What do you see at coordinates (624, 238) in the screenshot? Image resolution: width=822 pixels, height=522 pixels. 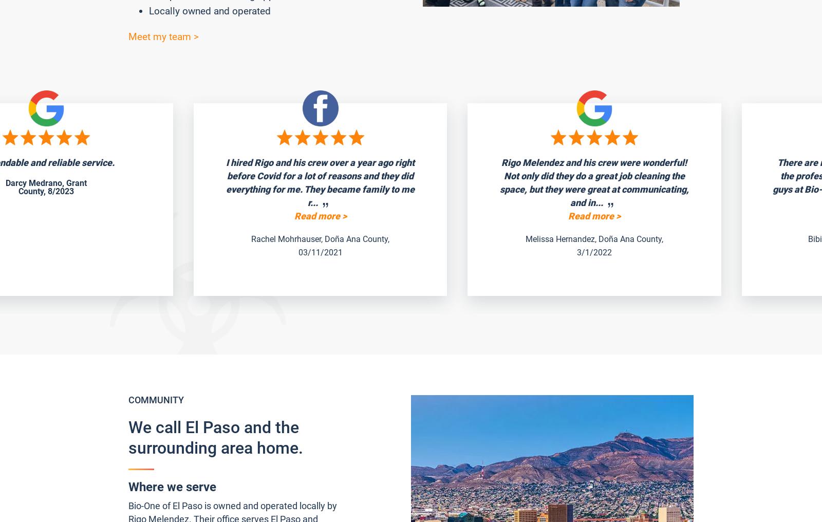 I see `'Bibi Olacio, Grant County, 8/2023'` at bounding box center [624, 238].